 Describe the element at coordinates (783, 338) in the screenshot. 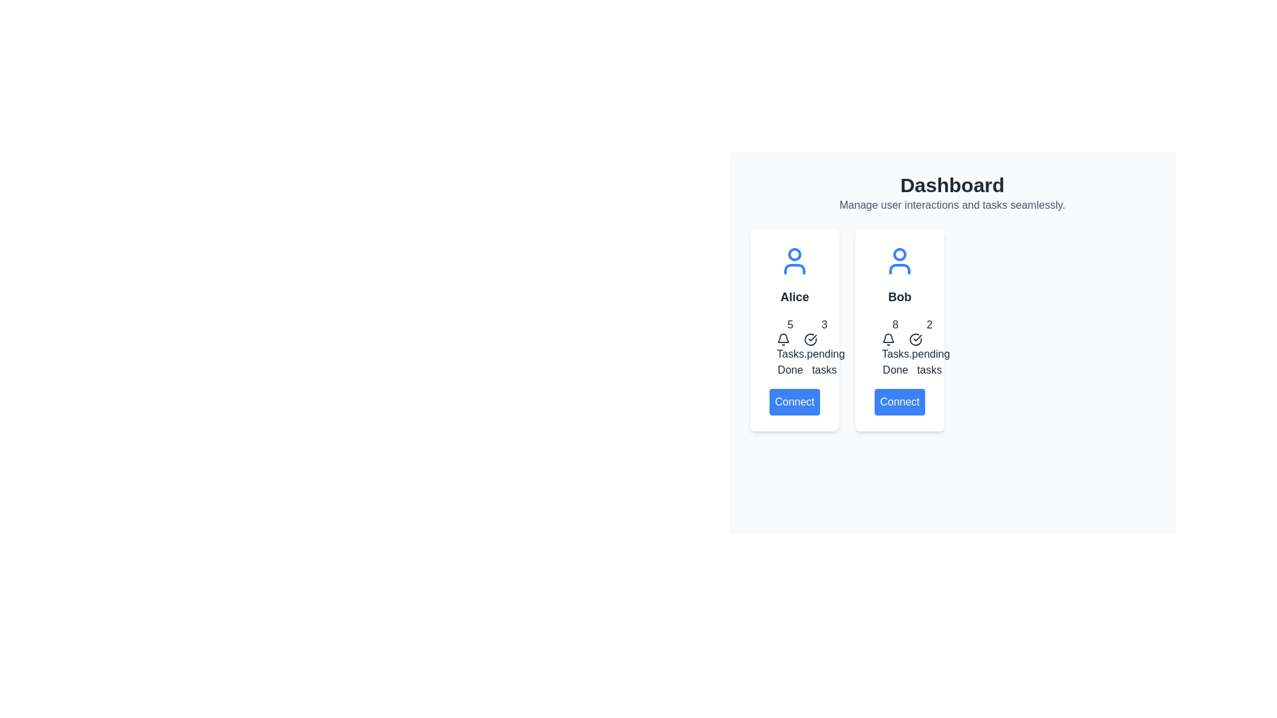

I see `the notification bell icon located to the right of the number '5' and above the text 'Tasks Done' in the left card for interaction, if it is active` at that location.